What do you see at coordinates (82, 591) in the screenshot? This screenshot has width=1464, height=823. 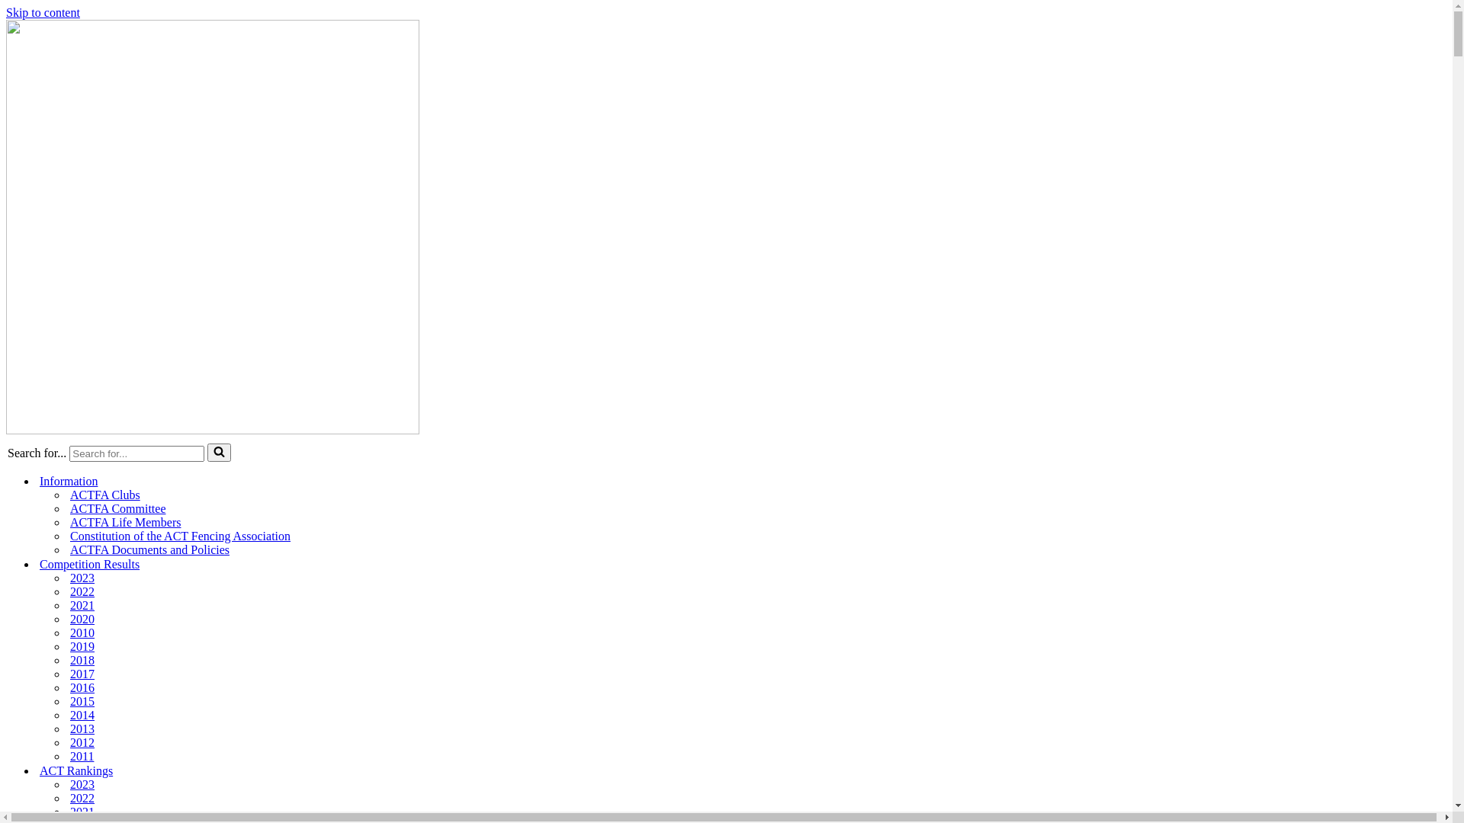 I see `'2022'` at bounding box center [82, 591].